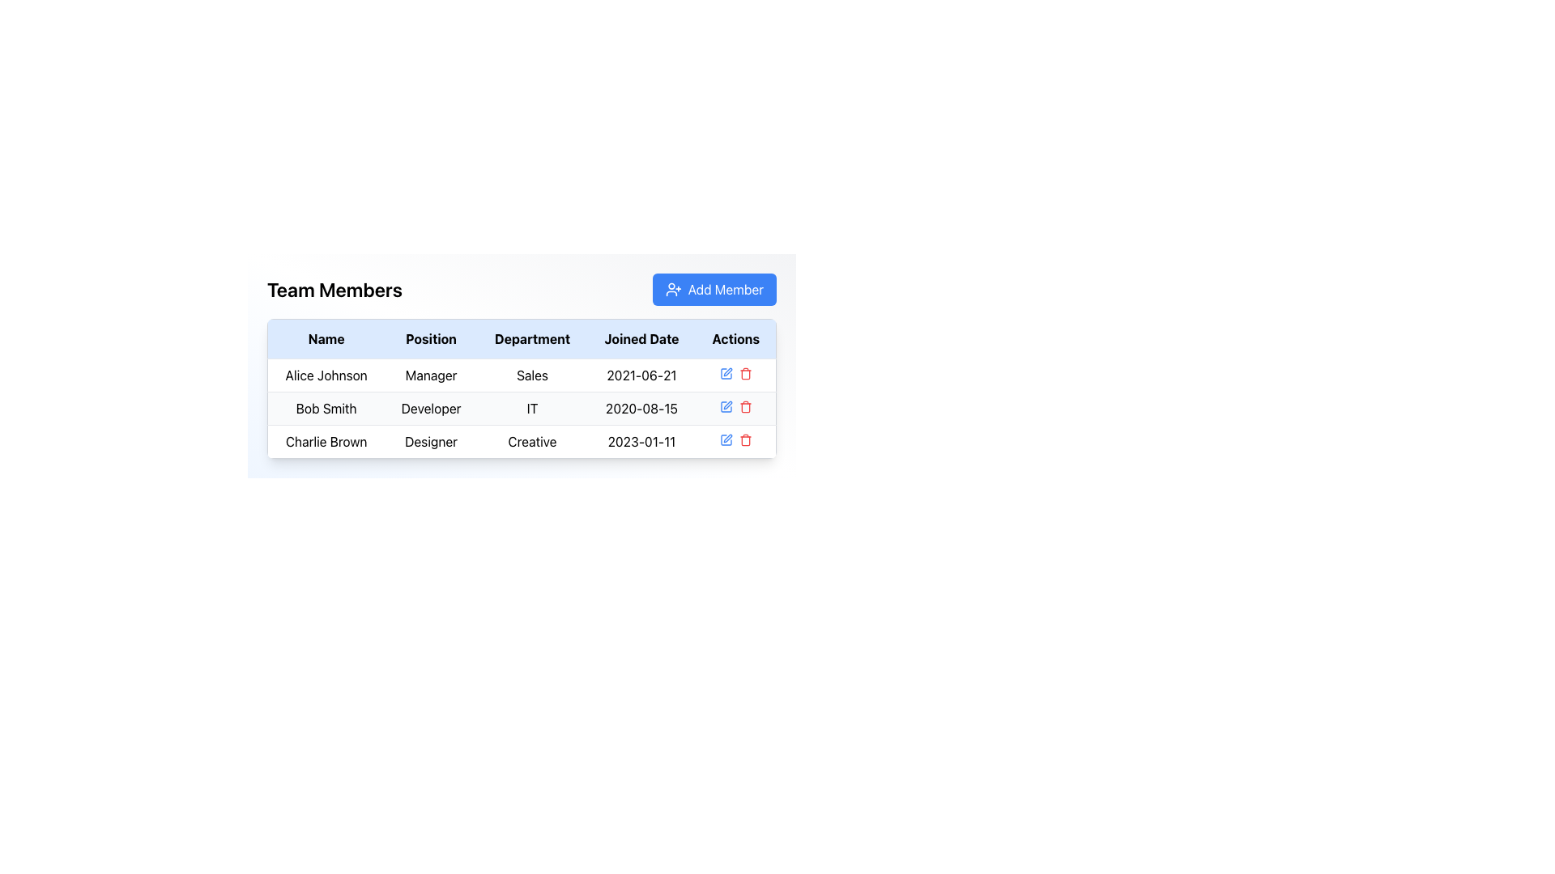 The height and width of the screenshot is (874, 1555). I want to click on the interactive trash can icon button located in the 'Actions' column of the second row in the team members' data table, so click(744, 405).